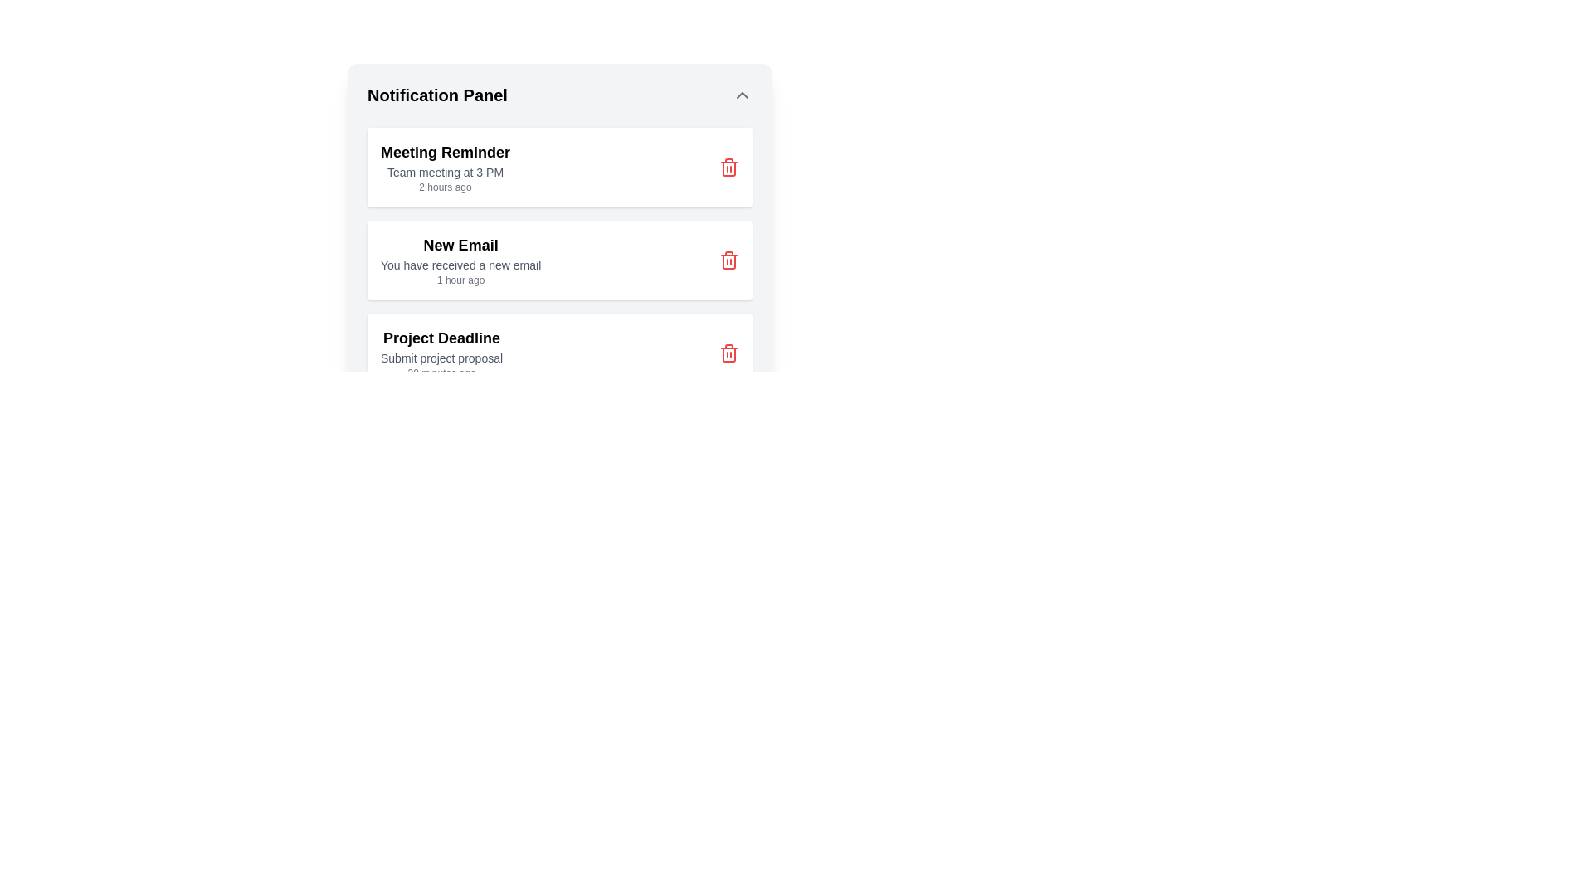 The image size is (1593, 896). What do you see at coordinates (446, 167) in the screenshot?
I see `the 'Meeting Reminder' text block, which includes a bold title, a subtitle, and a timestamp, located at the top of the notification panel` at bounding box center [446, 167].